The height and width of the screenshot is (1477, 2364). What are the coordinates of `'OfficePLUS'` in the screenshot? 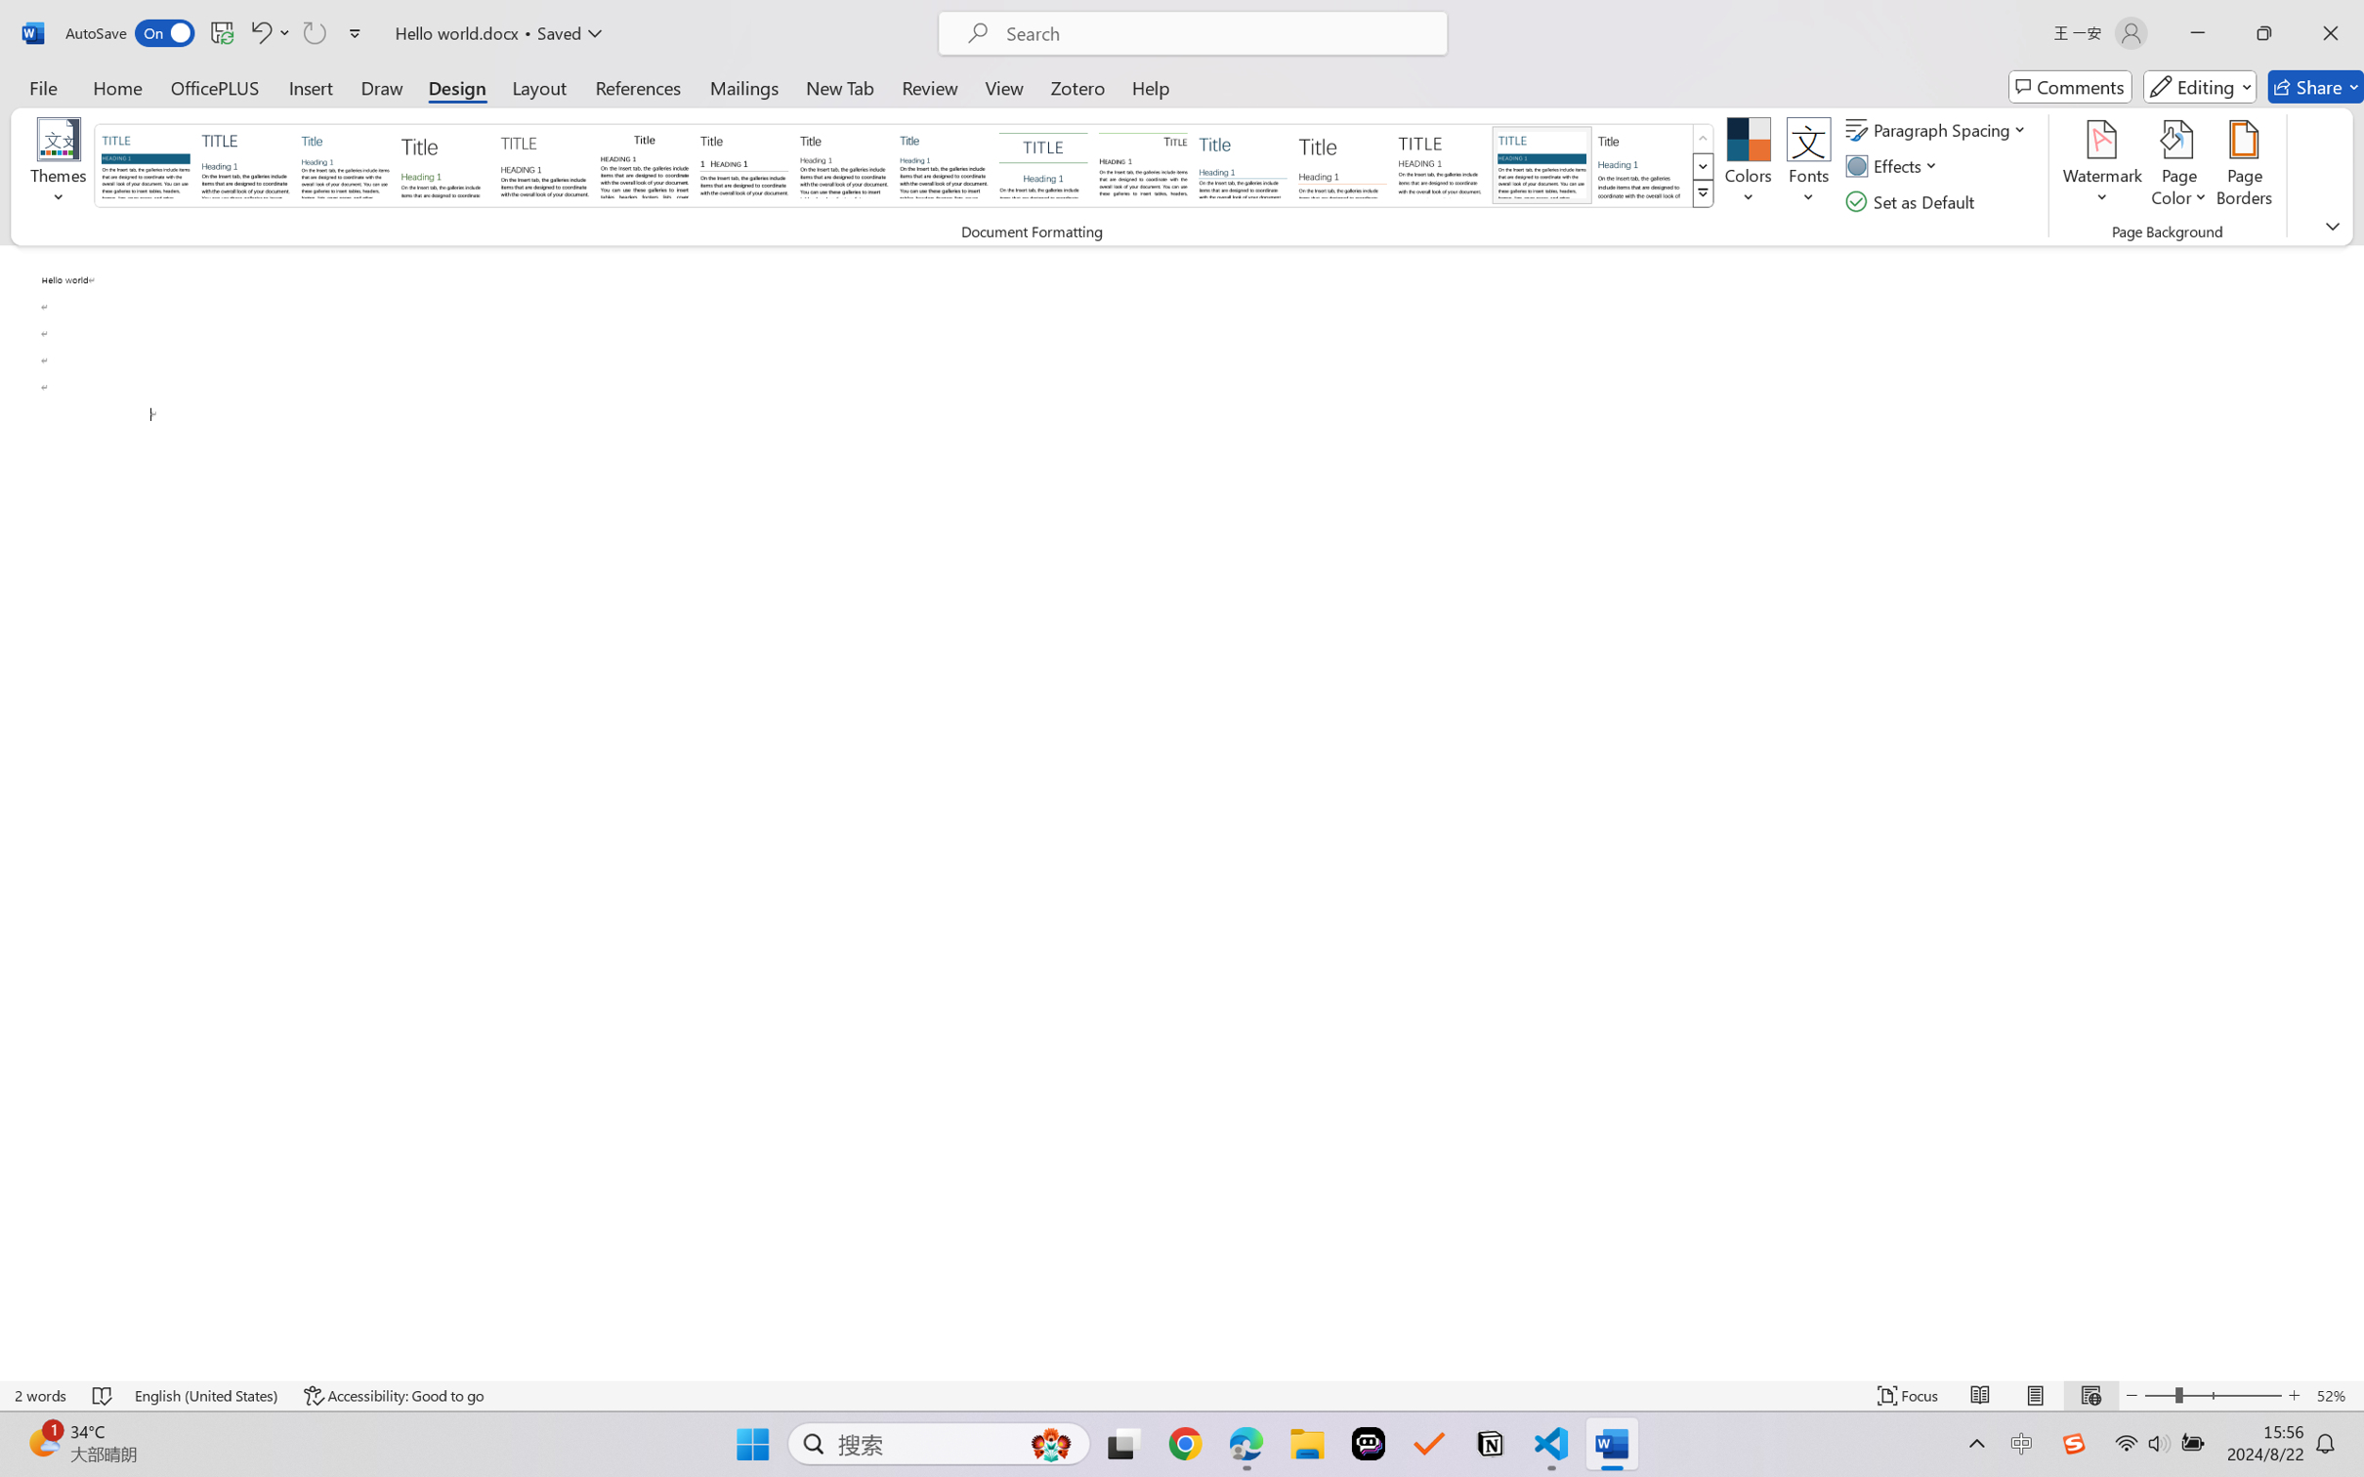 It's located at (213, 86).